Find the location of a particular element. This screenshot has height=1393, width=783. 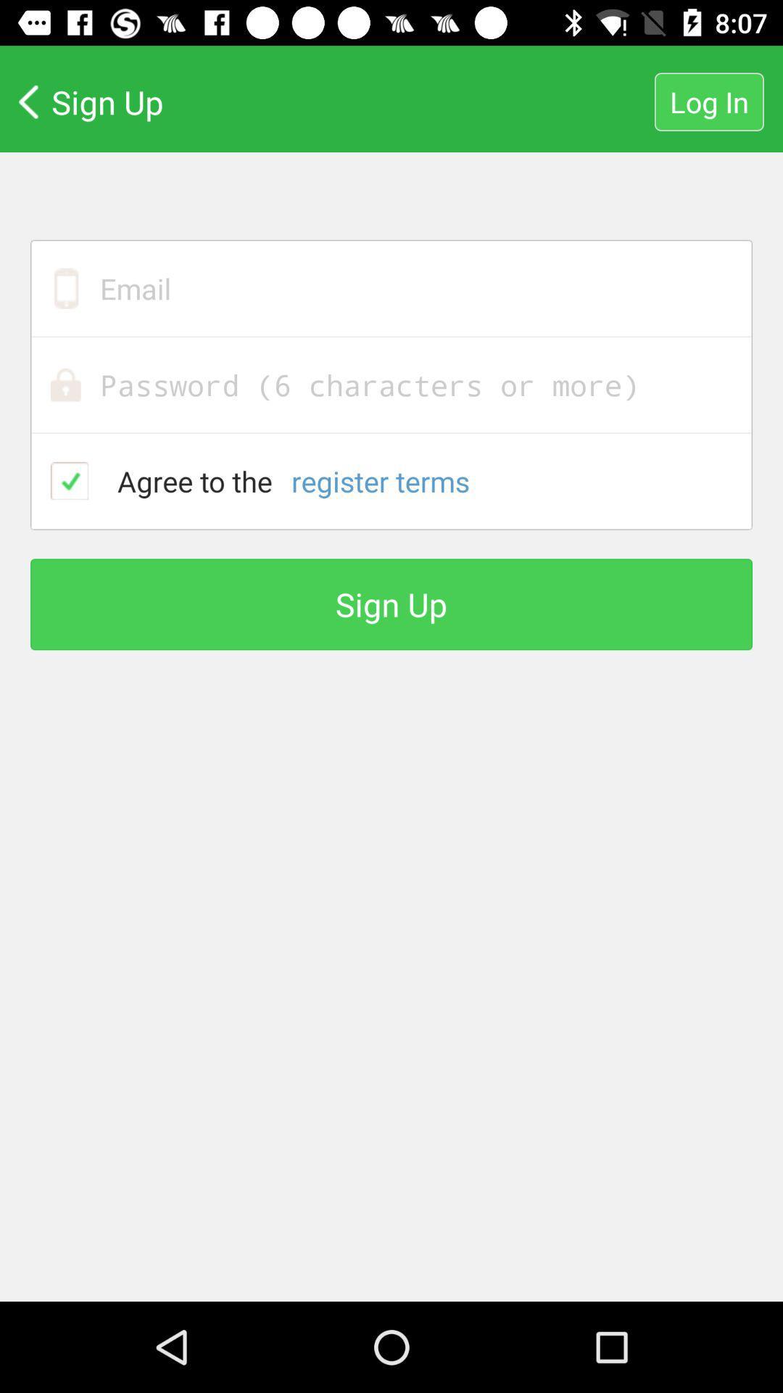

log in at the top right corner is located at coordinates (708, 101).